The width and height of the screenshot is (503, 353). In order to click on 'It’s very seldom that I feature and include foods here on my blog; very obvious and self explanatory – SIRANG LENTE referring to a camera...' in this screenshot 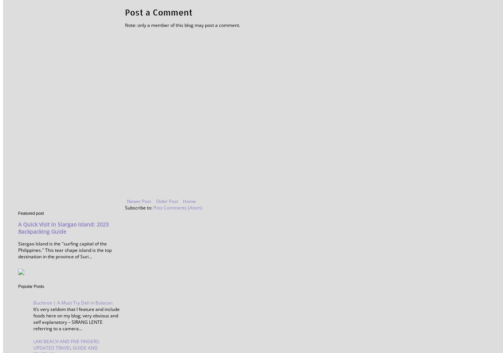, I will do `click(33, 318)`.